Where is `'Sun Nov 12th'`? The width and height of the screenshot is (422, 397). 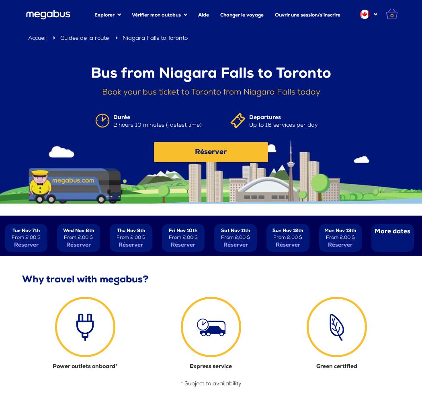
'Sun Nov 12th' is located at coordinates (287, 230).